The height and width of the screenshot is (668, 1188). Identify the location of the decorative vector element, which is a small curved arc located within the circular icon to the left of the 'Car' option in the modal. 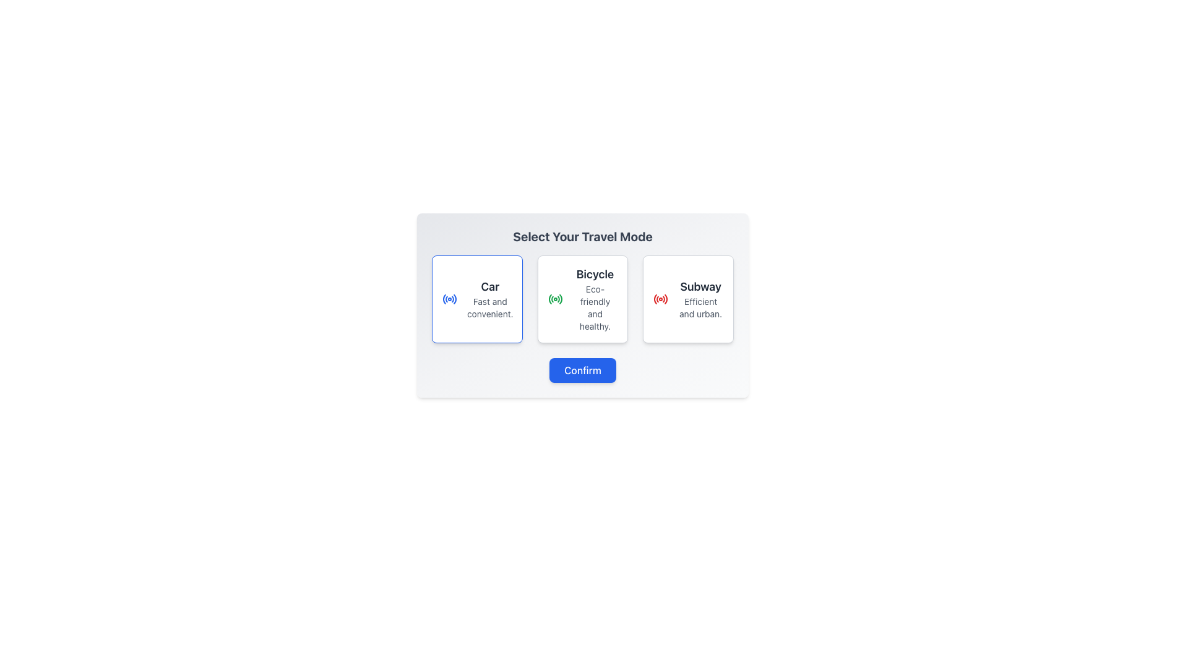
(549, 299).